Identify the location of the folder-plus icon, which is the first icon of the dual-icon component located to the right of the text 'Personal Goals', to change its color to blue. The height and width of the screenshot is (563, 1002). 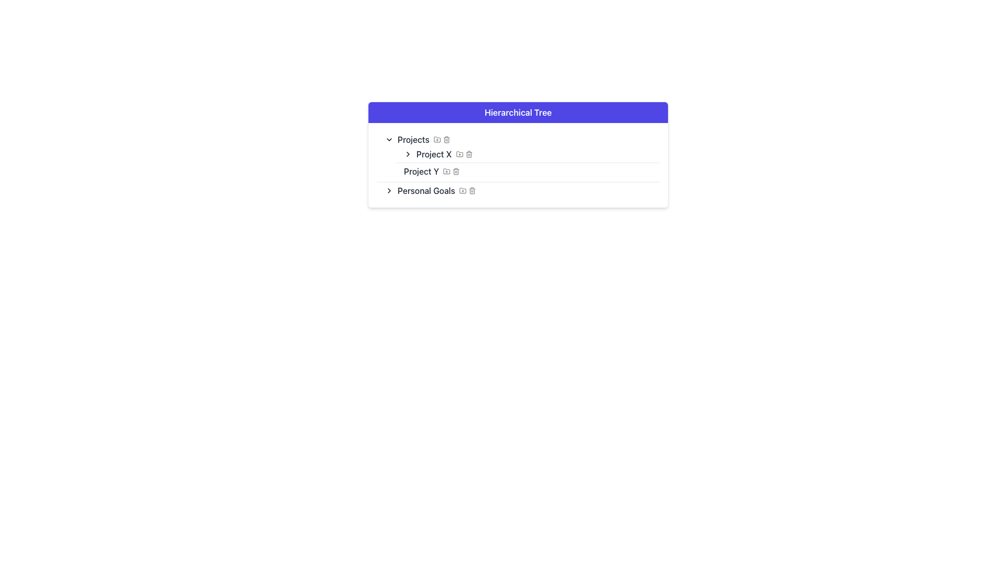
(467, 191).